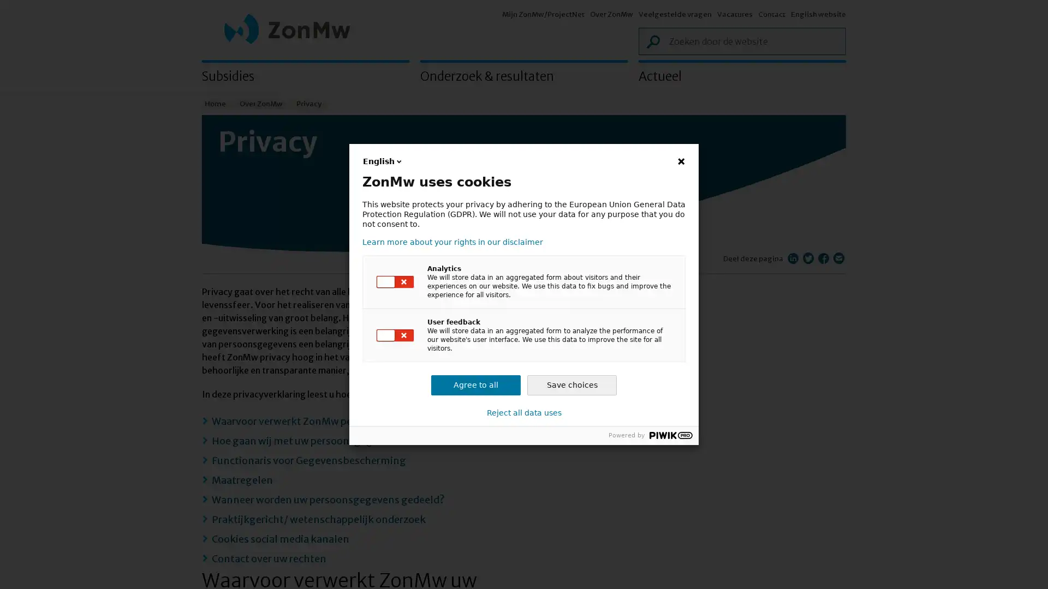 This screenshot has width=1048, height=589. Describe the element at coordinates (523, 412) in the screenshot. I see `Reject all data uses` at that location.